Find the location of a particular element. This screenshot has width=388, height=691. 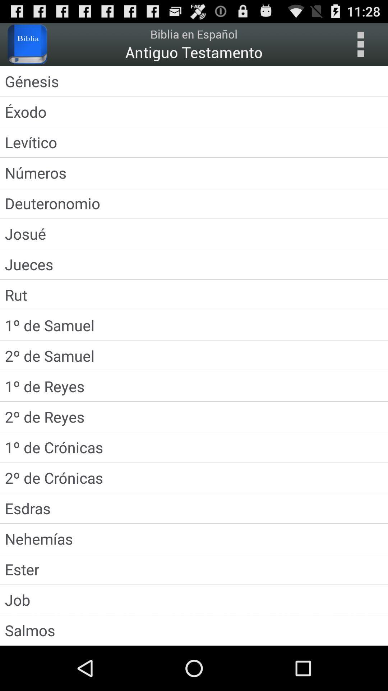

the more icon is located at coordinates (360, 47).